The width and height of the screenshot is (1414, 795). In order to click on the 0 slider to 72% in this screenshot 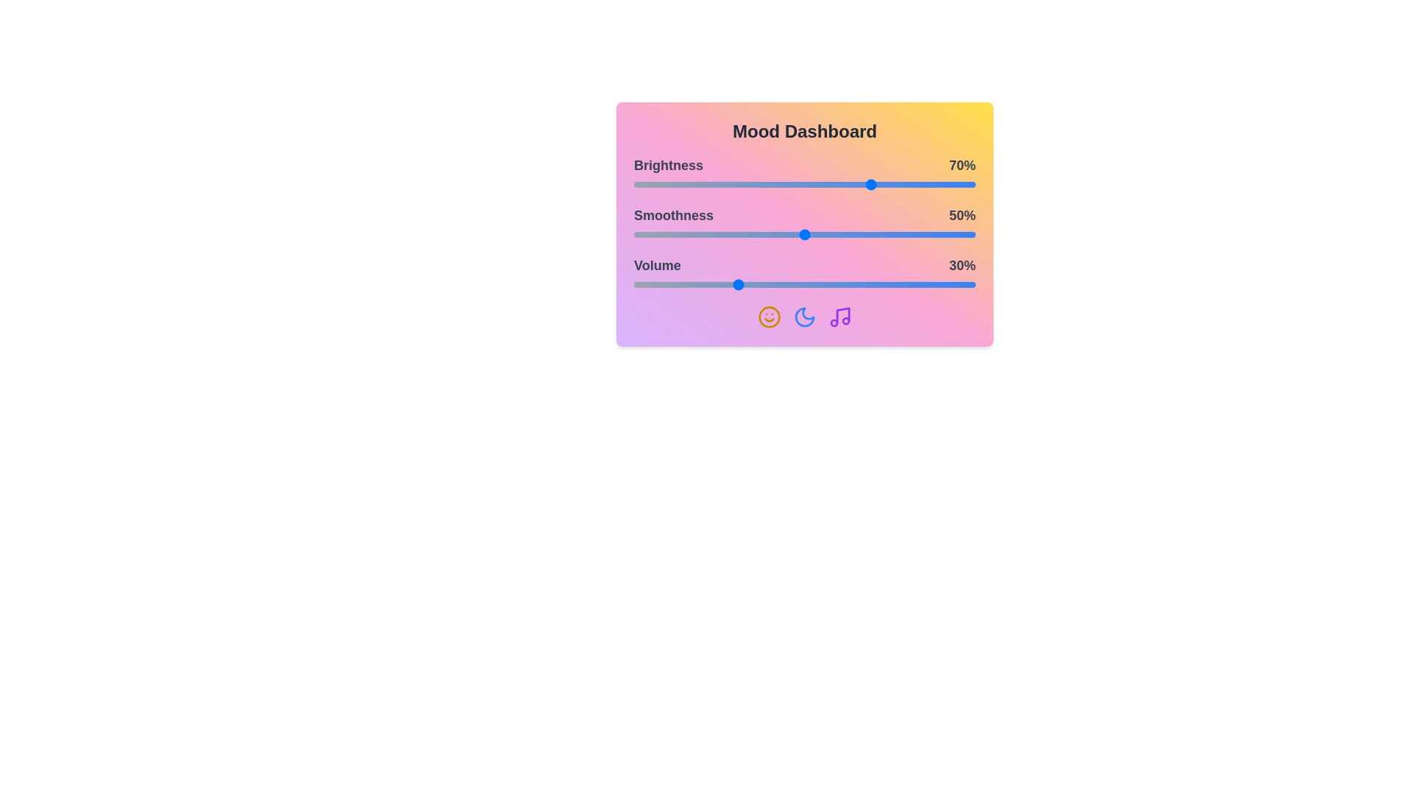, I will do `click(880, 183)`.